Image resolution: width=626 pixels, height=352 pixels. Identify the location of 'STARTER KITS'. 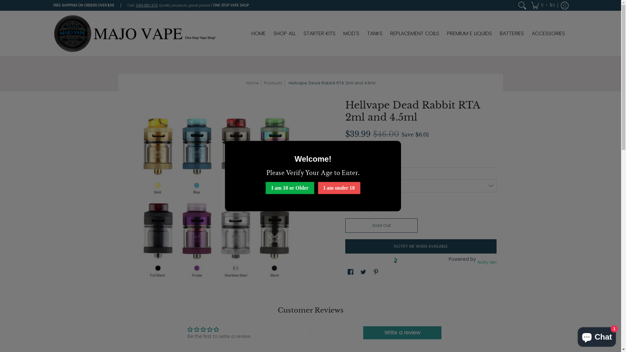
(300, 33).